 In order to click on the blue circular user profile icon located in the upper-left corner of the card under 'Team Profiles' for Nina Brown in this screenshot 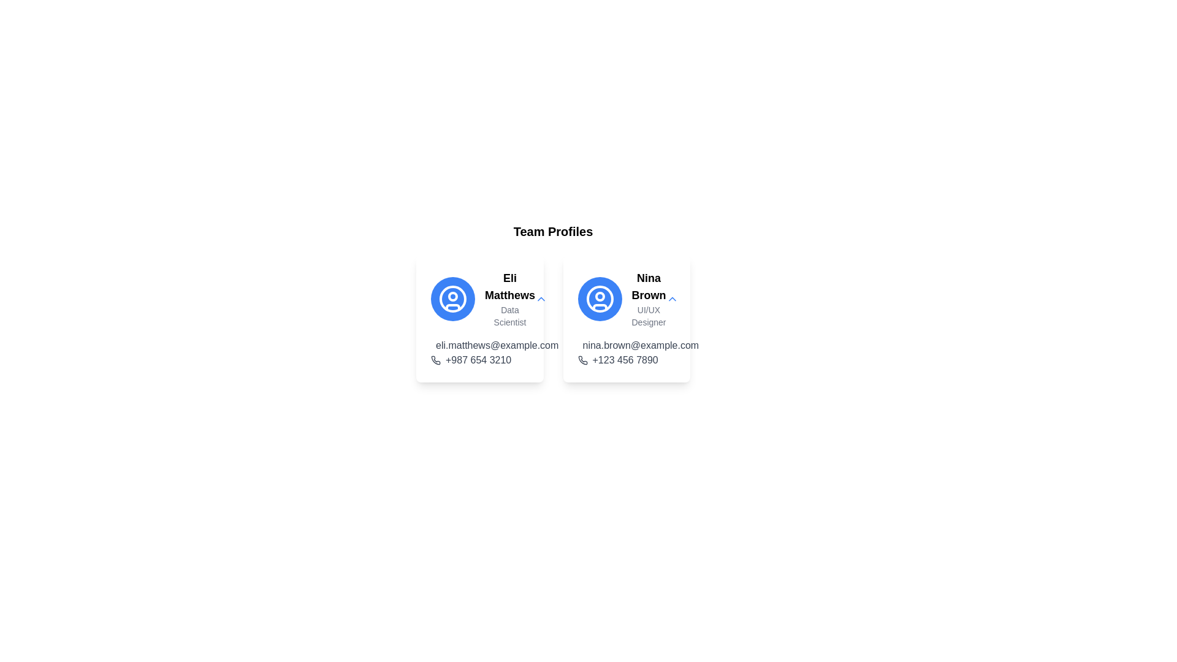, I will do `click(600, 299)`.